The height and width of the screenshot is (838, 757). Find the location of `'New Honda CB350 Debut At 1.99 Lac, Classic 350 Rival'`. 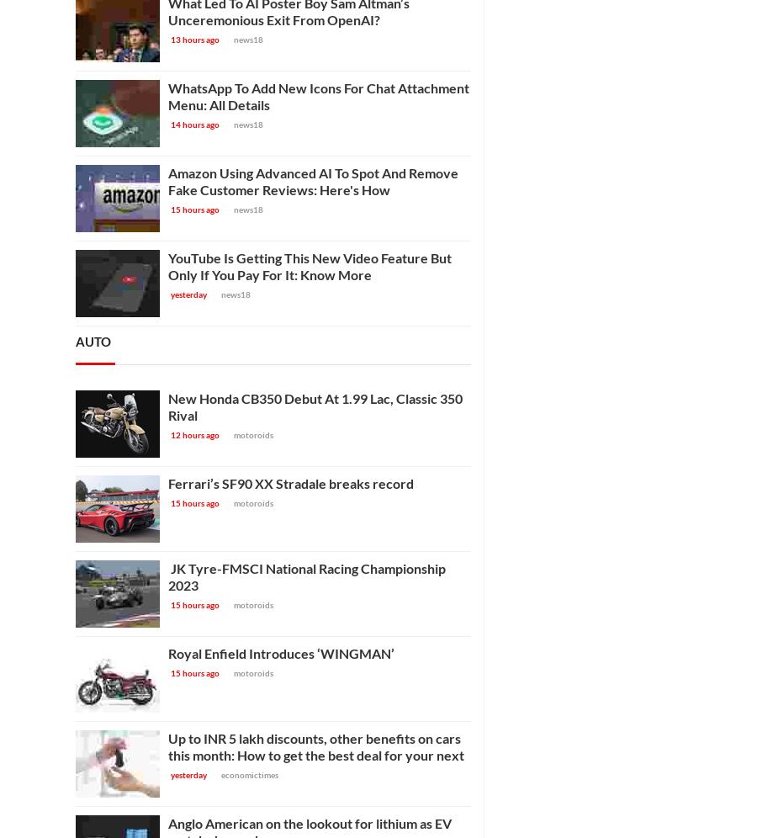

'New Honda CB350 Debut At 1.99 Lac, Classic 350 Rival' is located at coordinates (315, 405).